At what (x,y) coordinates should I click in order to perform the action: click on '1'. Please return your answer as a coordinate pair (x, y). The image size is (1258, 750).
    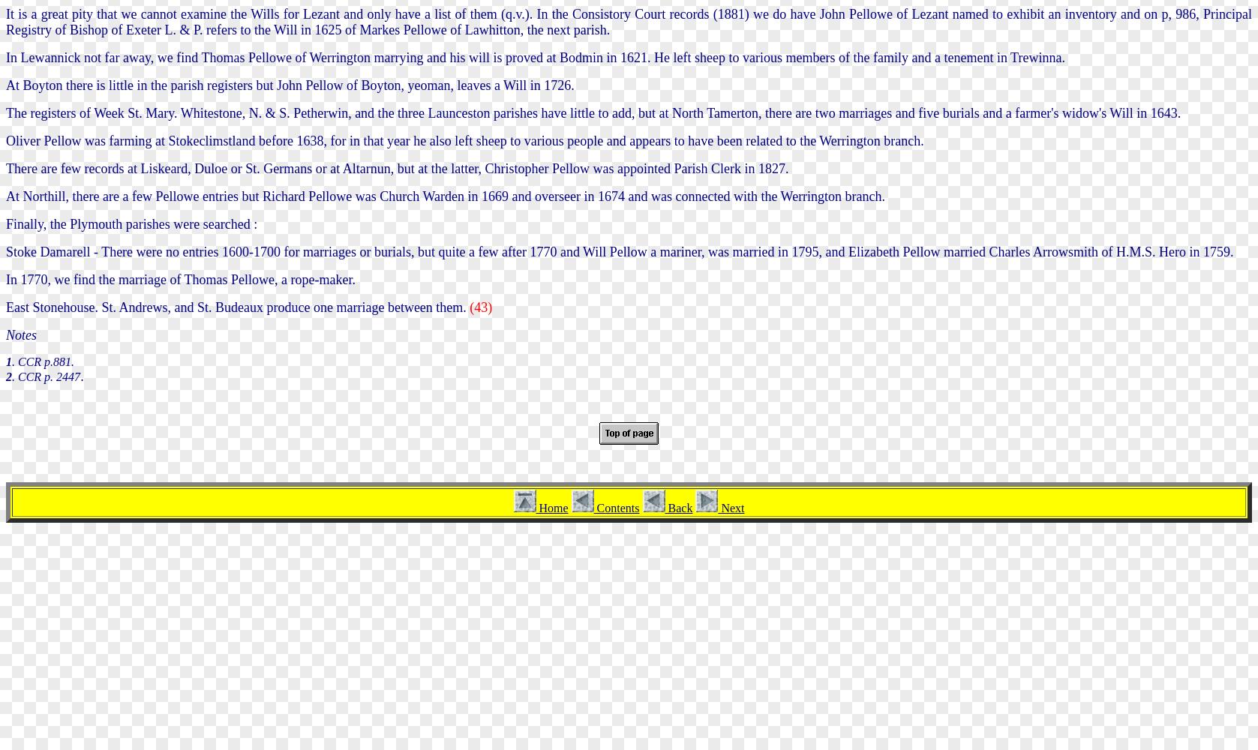
    Looking at the image, I should click on (6, 360).